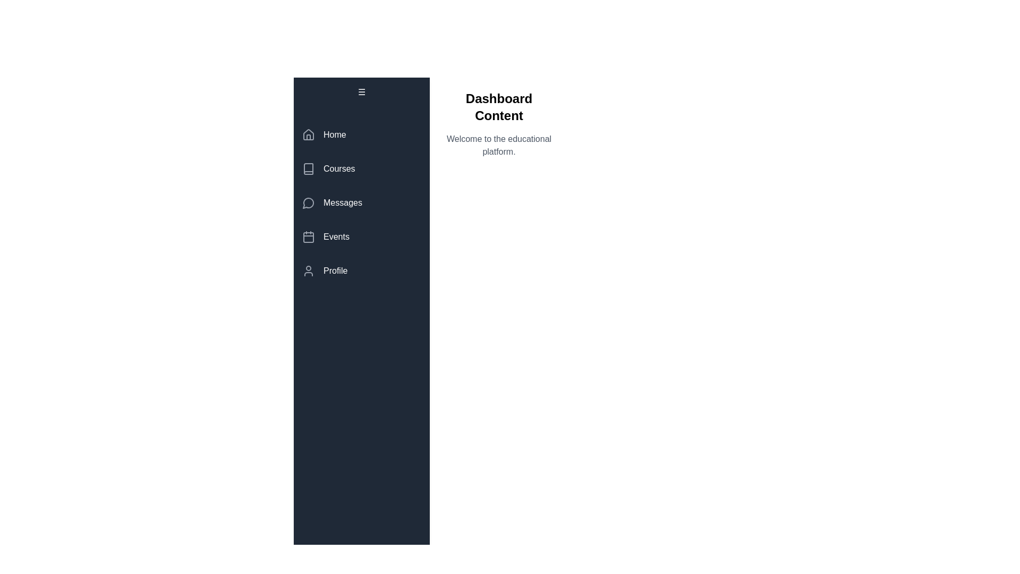  Describe the element at coordinates (362, 134) in the screenshot. I see `the menu item labeled Home to observe visual feedback` at that location.